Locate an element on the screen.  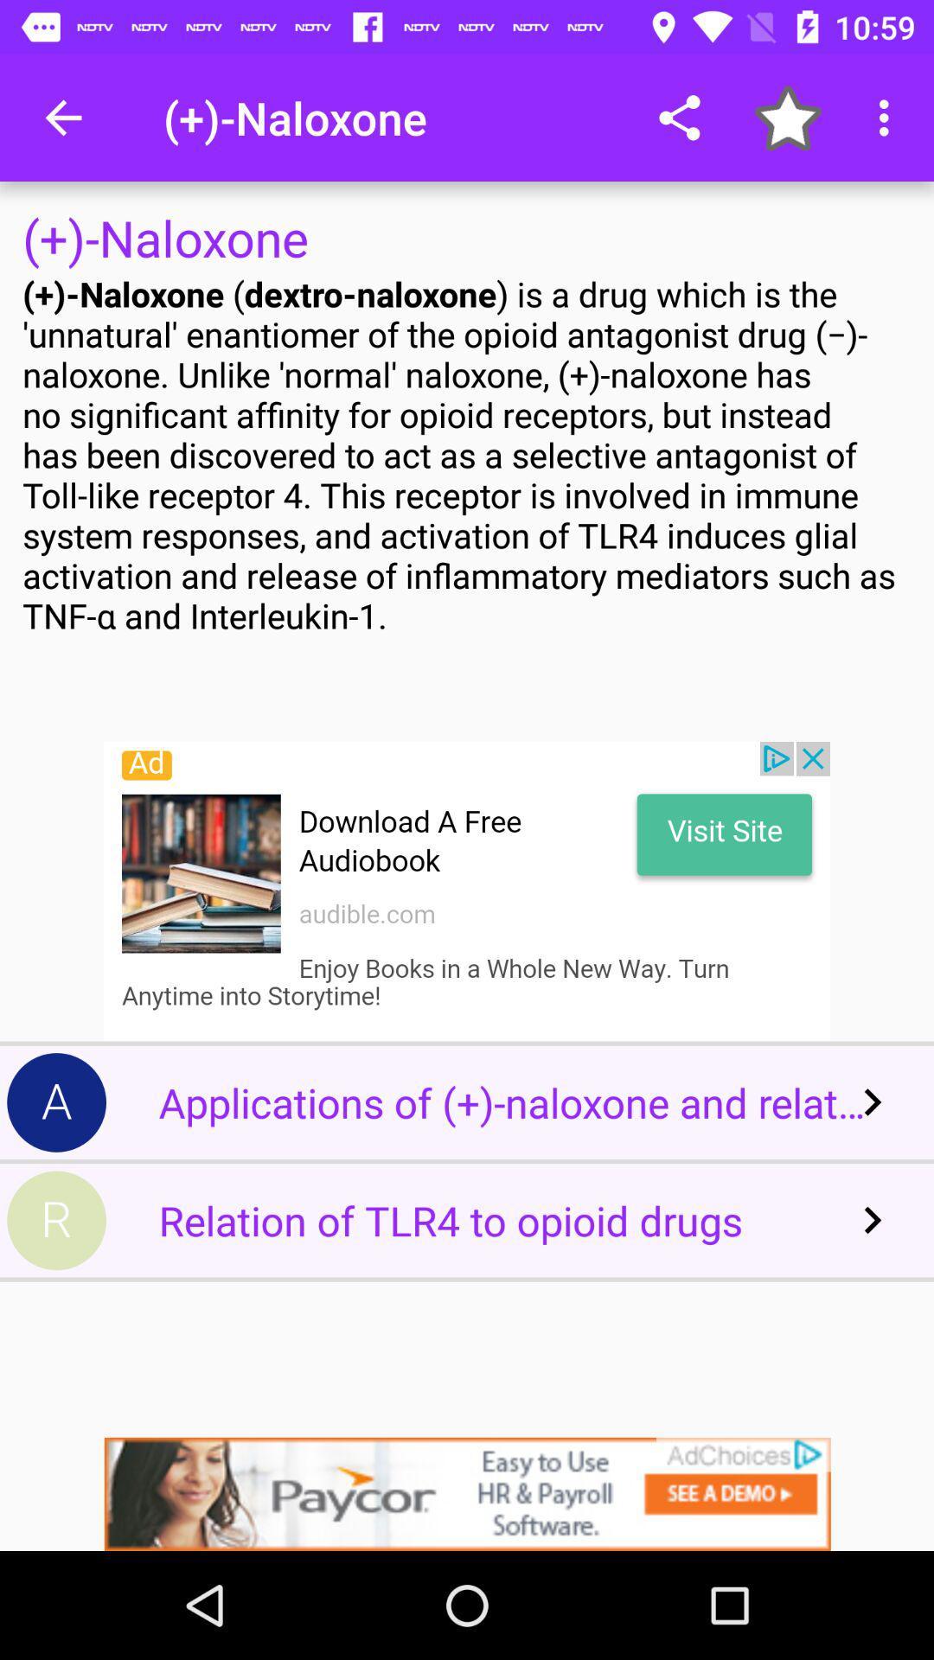
advertisement page is located at coordinates (467, 1493).